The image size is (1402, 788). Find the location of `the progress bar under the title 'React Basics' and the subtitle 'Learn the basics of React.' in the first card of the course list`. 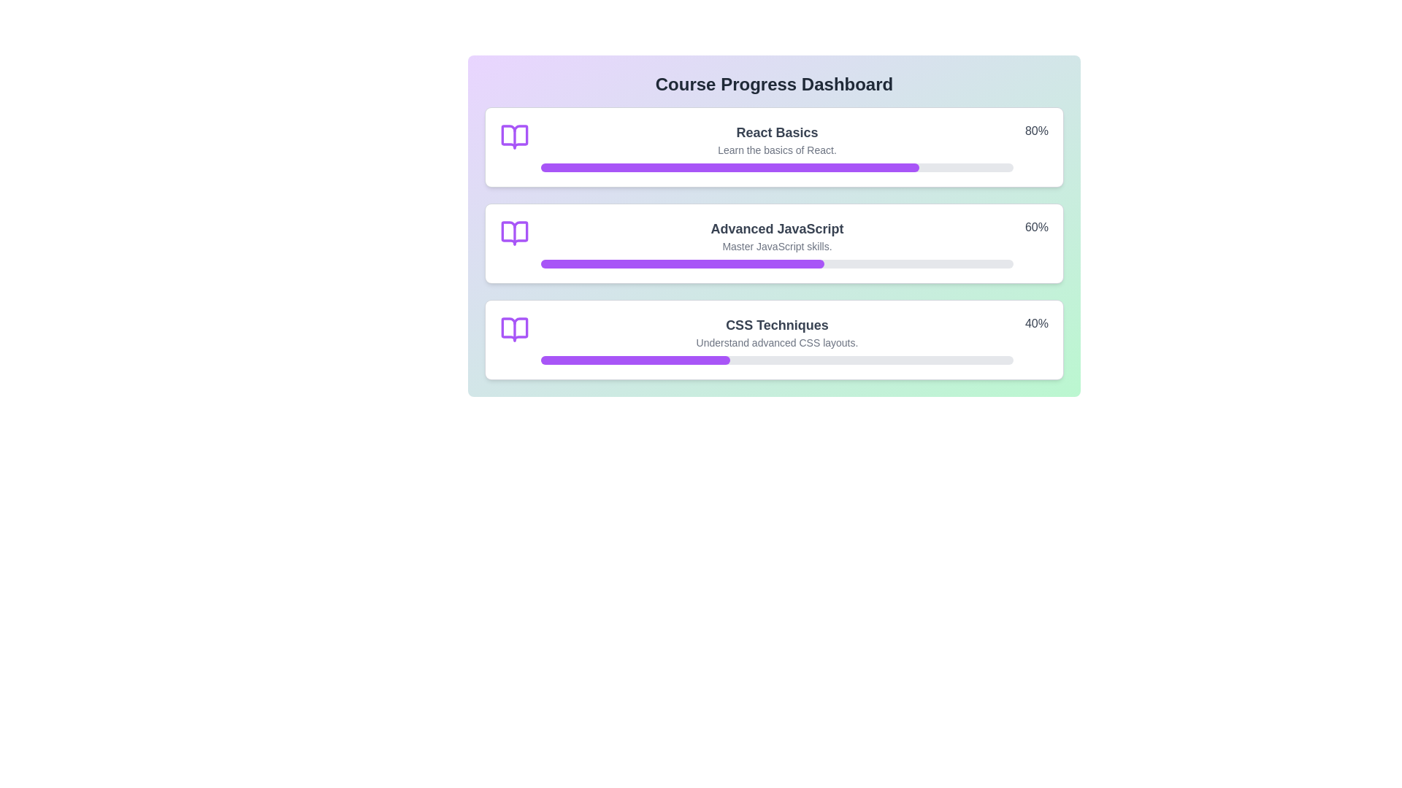

the progress bar under the title 'React Basics' and the subtitle 'Learn the basics of React.' in the first card of the course list is located at coordinates (776, 167).